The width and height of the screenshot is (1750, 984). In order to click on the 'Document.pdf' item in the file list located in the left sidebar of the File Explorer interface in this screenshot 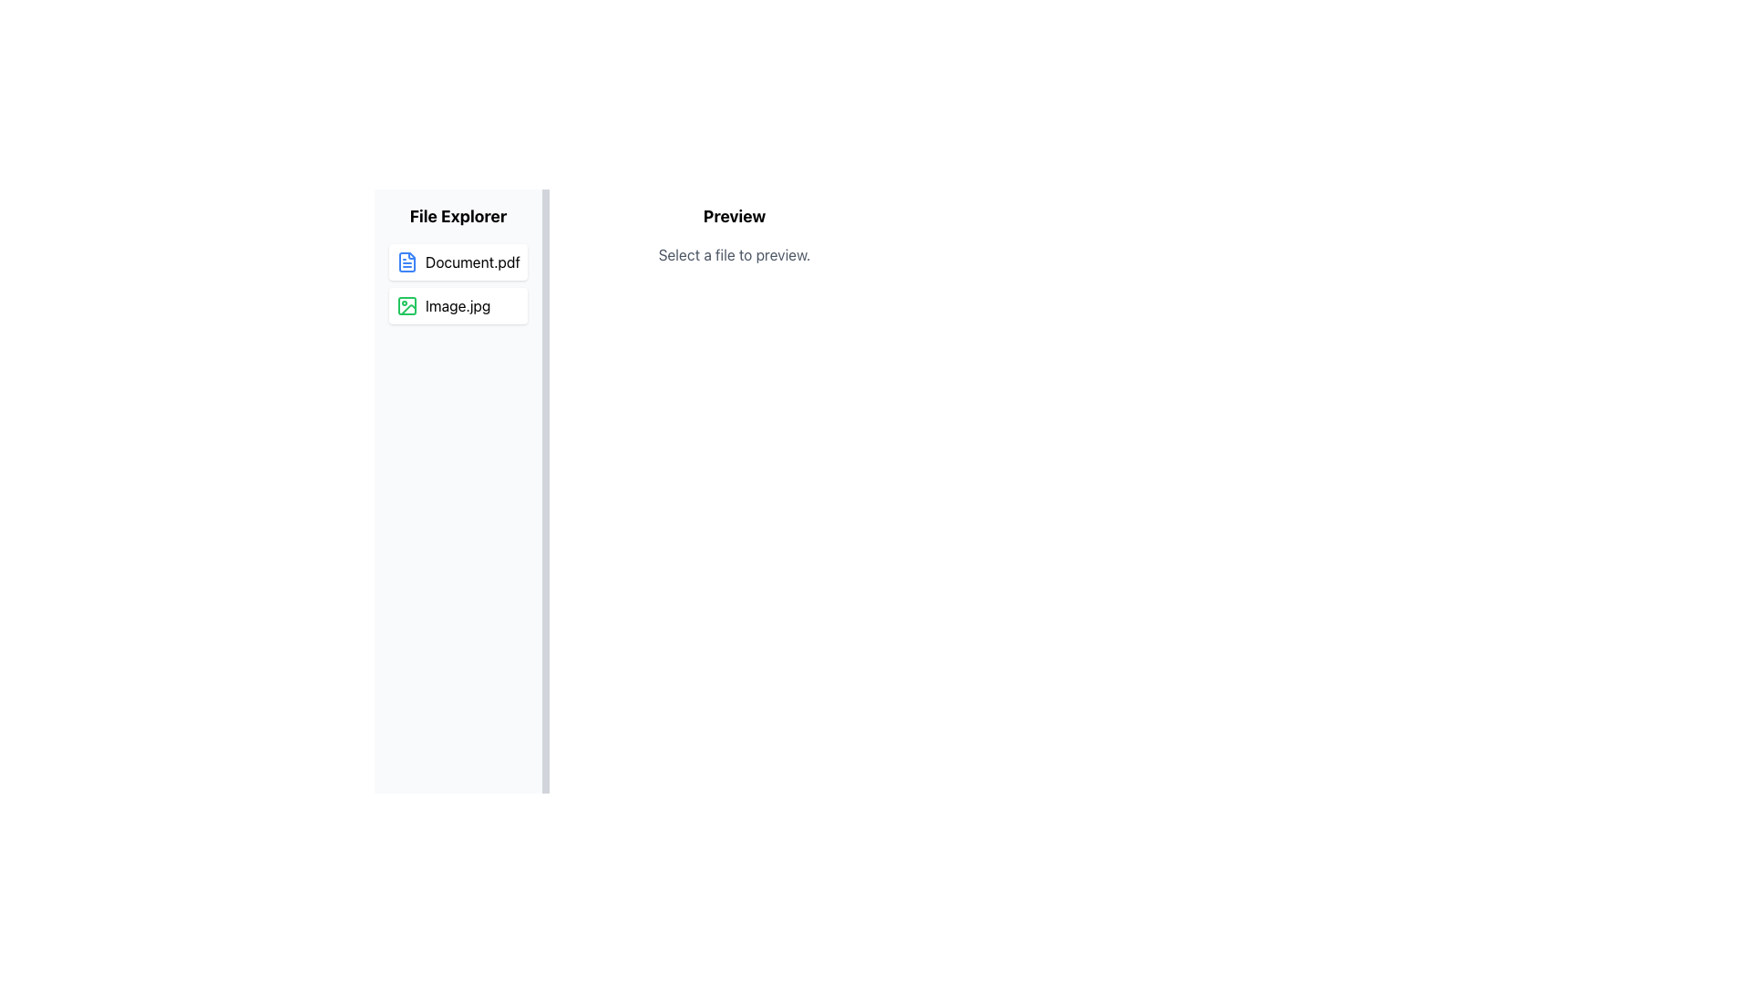, I will do `click(458, 284)`.